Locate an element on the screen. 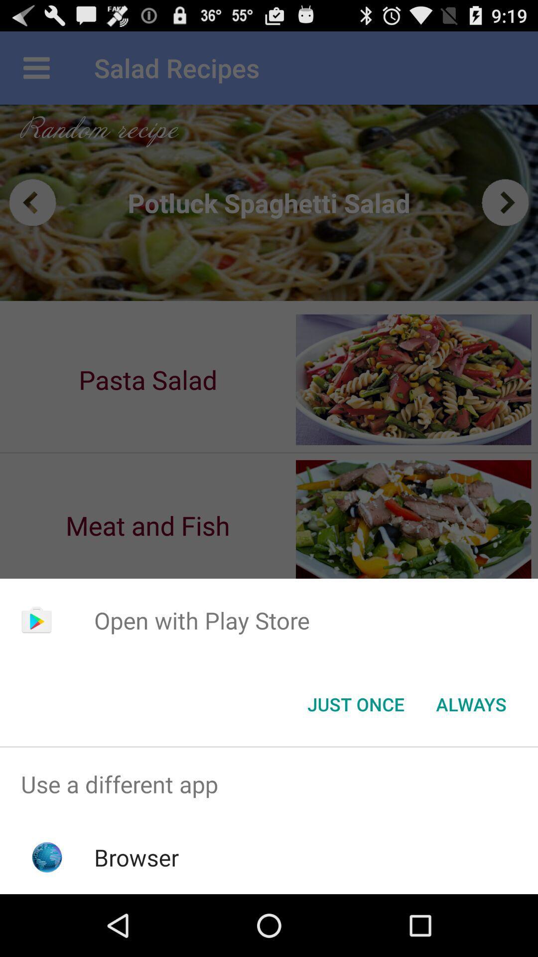  the just once button is located at coordinates (355, 703).